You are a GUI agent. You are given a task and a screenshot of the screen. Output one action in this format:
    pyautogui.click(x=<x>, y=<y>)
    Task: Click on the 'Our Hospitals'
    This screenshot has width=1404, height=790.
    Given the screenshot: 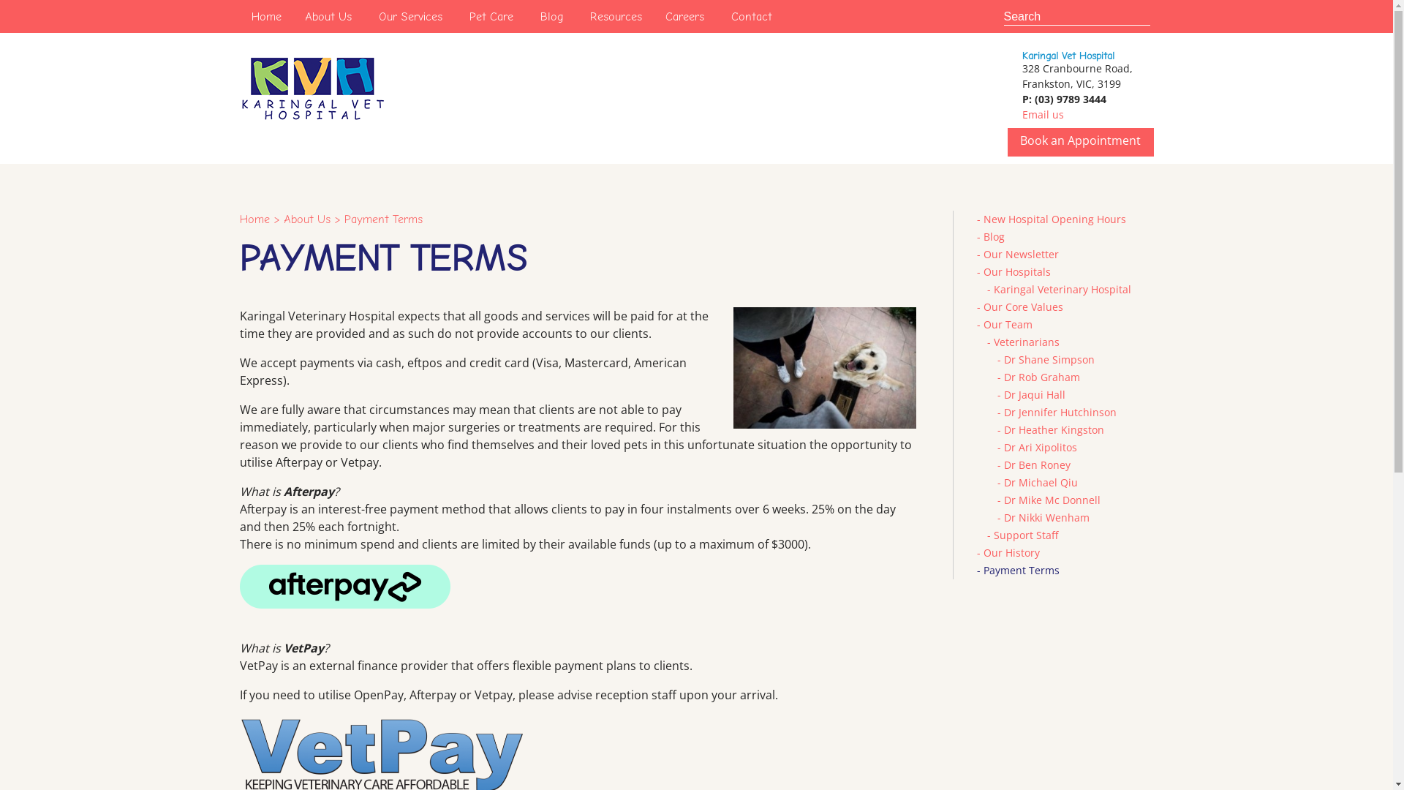 What is the action you would take?
    pyautogui.click(x=1016, y=271)
    